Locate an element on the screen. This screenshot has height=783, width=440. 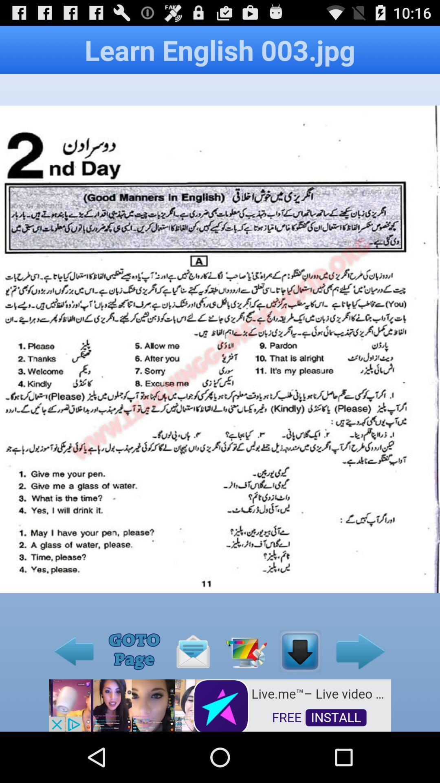
the email icon is located at coordinates (198, 697).